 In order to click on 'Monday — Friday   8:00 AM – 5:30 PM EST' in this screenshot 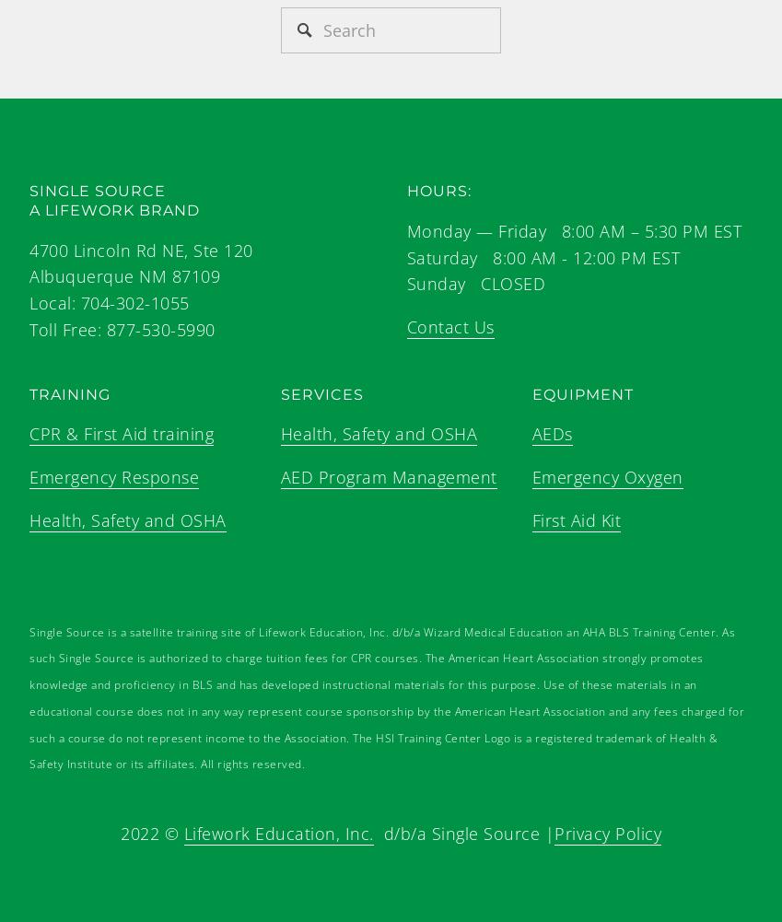, I will do `click(573, 229)`.